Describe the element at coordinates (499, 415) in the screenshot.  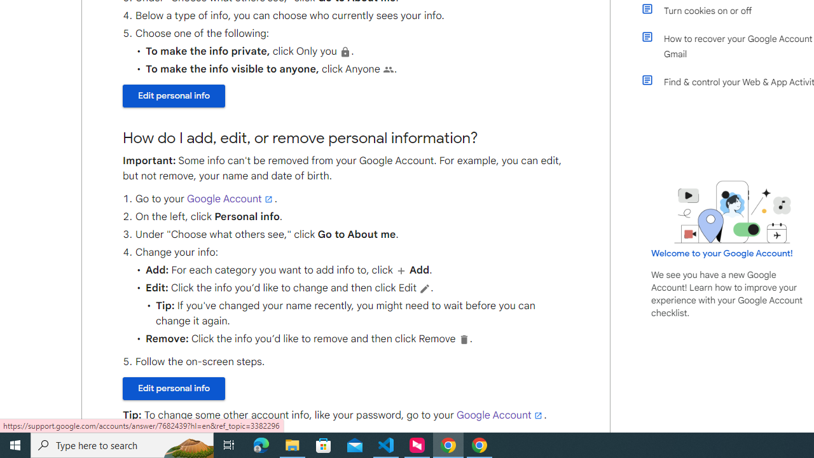
I see `'Google Account'` at that location.